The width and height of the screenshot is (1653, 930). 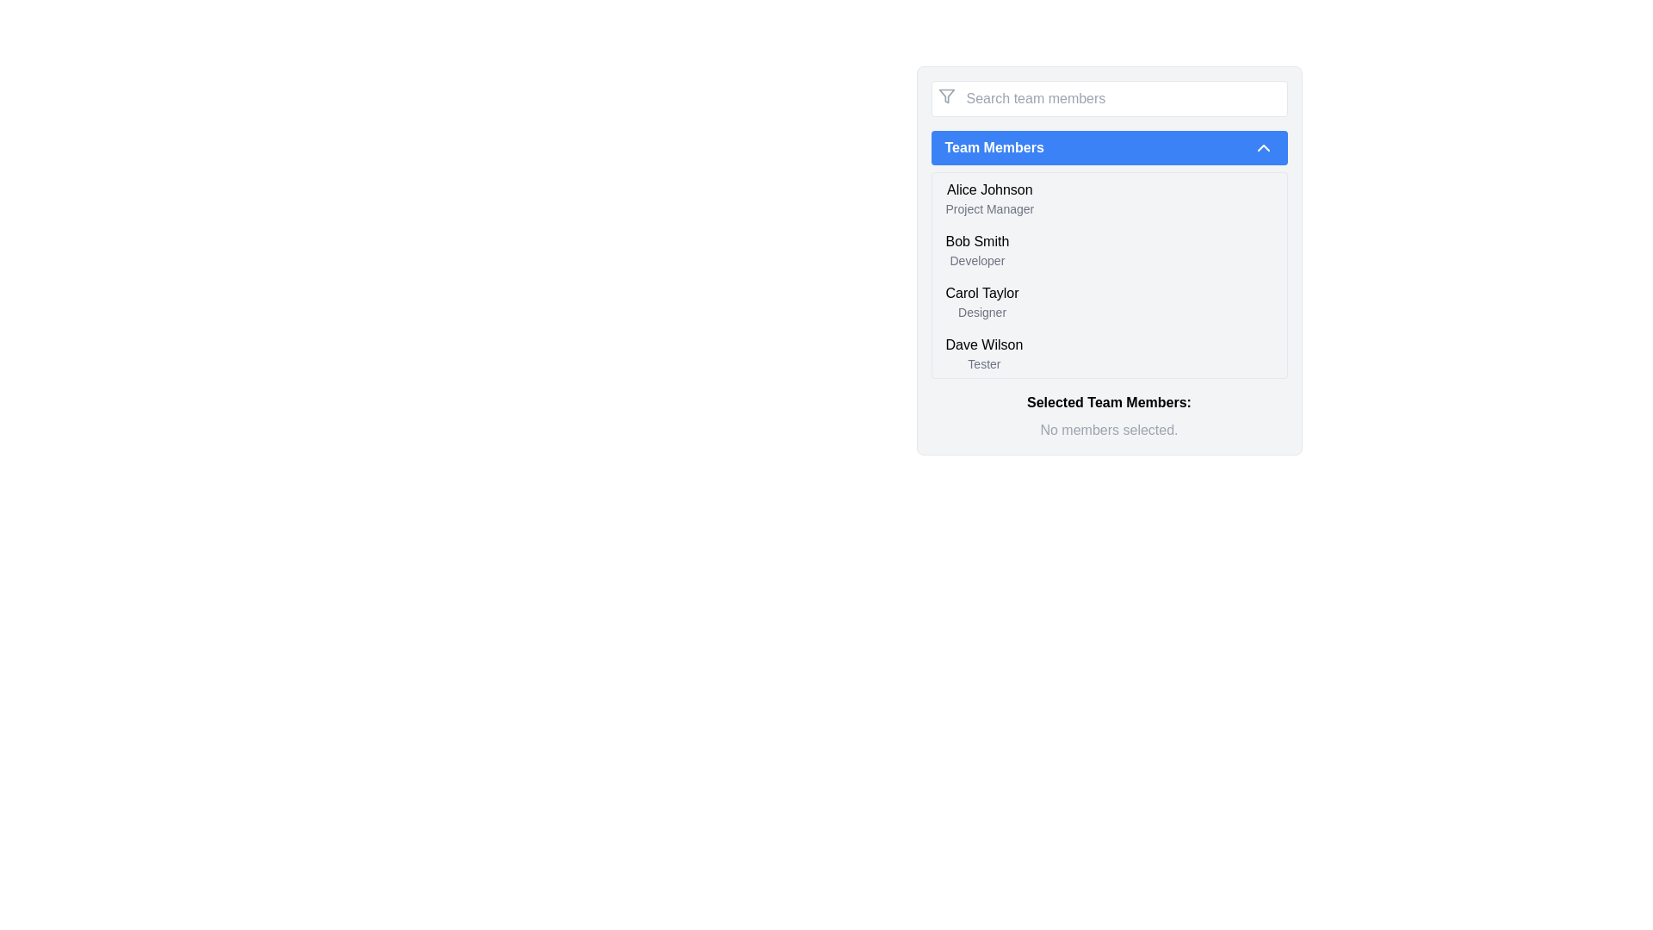 I want to click on the static text label that displays 'Project Manager', which is styled with a small gray font and positioned directly beneath 'Alice Johnson' in the 'Team Members' list box, so click(x=989, y=208).